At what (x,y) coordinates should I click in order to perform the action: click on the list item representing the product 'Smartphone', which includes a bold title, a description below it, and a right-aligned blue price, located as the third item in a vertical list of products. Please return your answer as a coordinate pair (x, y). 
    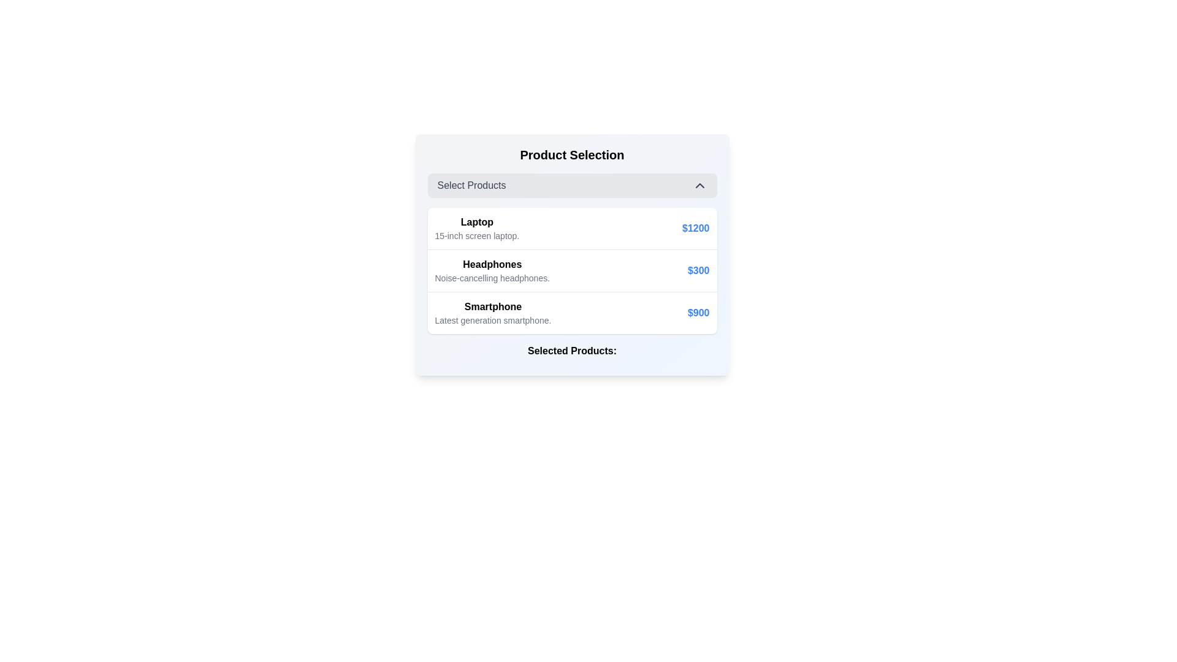
    Looking at the image, I should click on (571, 312).